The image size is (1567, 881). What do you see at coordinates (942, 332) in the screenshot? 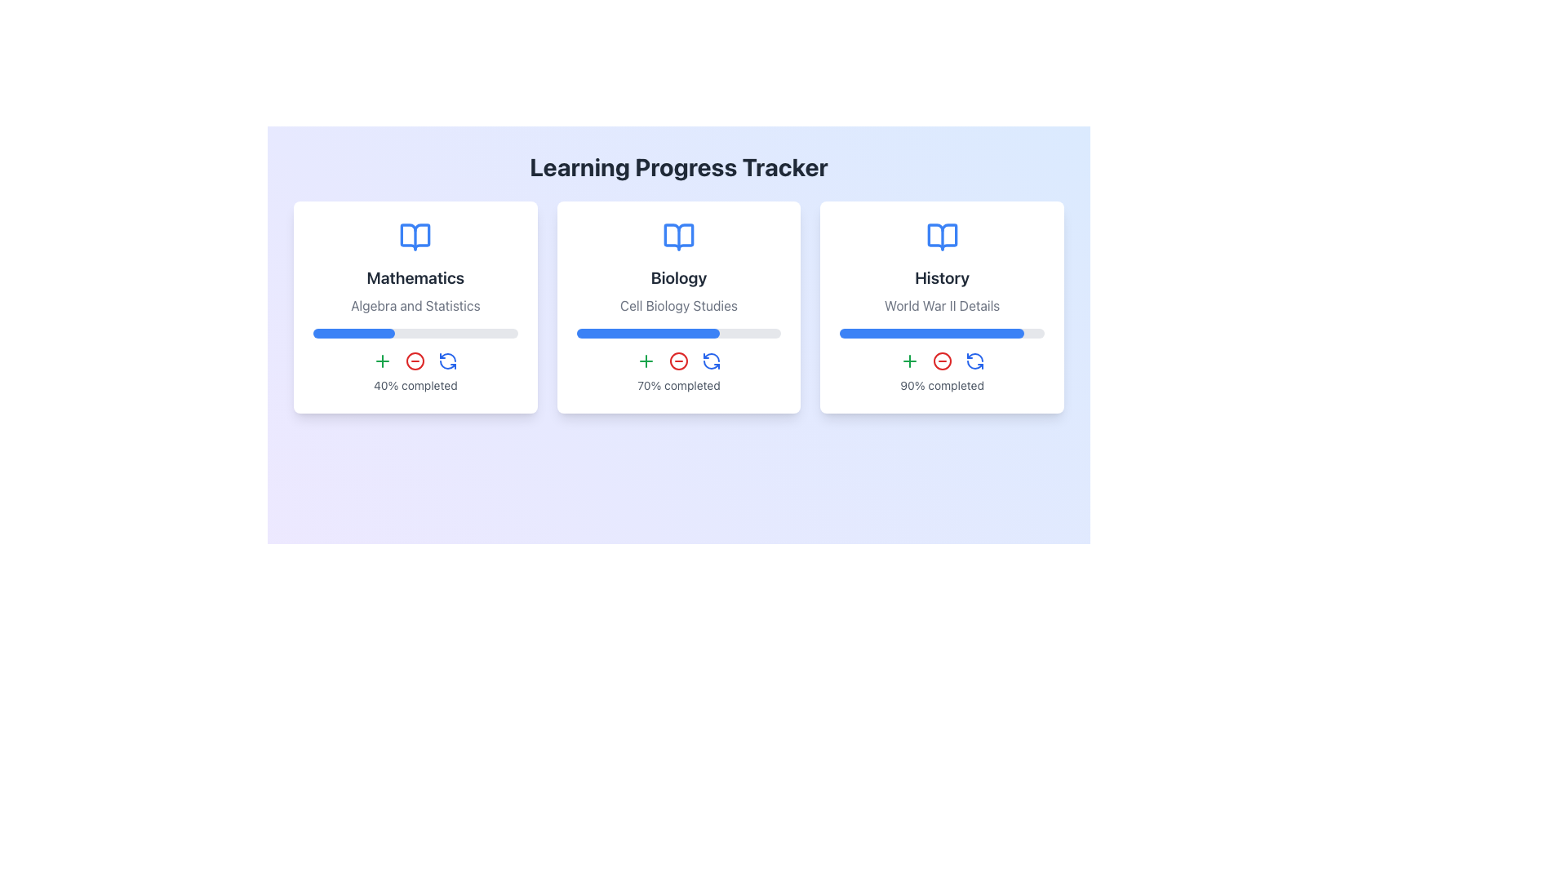
I see `the horizontal progress bar representing 90% progress, located below the 'World War II Details' text and above the '90% completed' label in the 'History' card` at bounding box center [942, 332].